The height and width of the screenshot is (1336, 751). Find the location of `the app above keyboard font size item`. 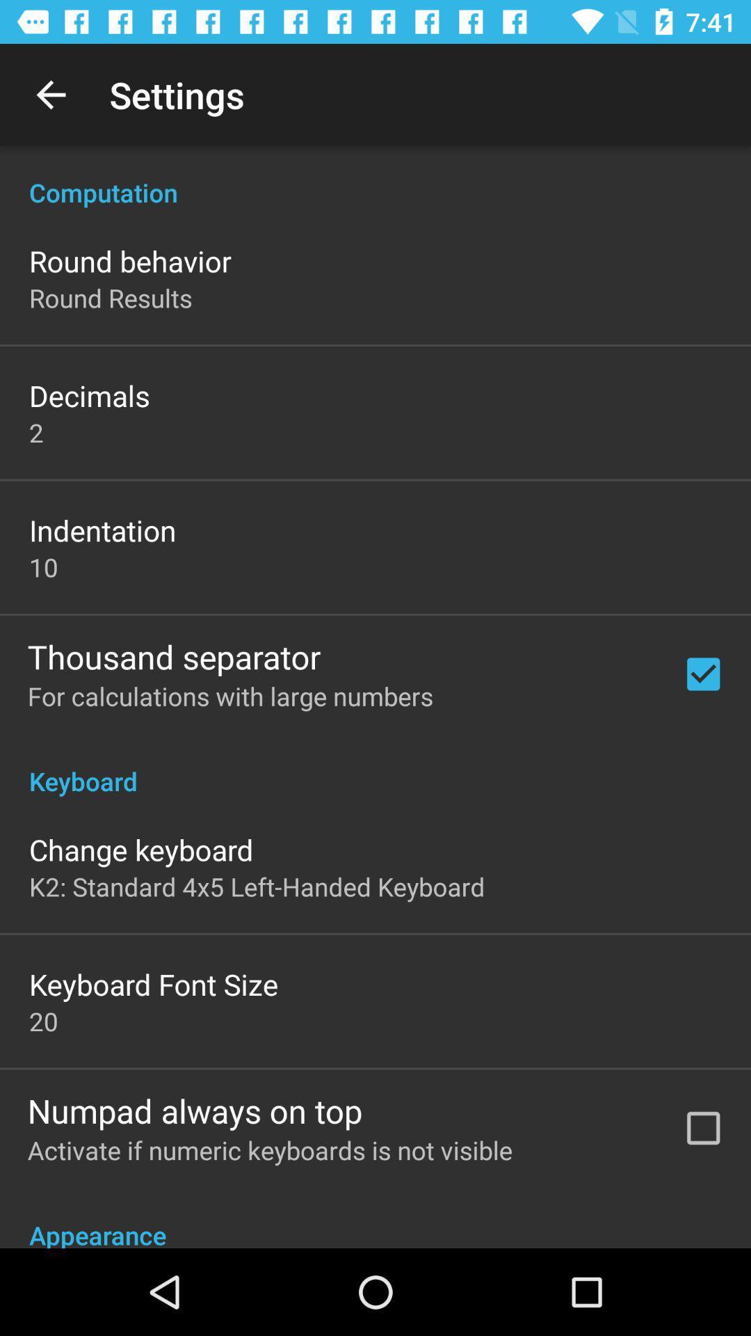

the app above keyboard font size item is located at coordinates (257, 886).